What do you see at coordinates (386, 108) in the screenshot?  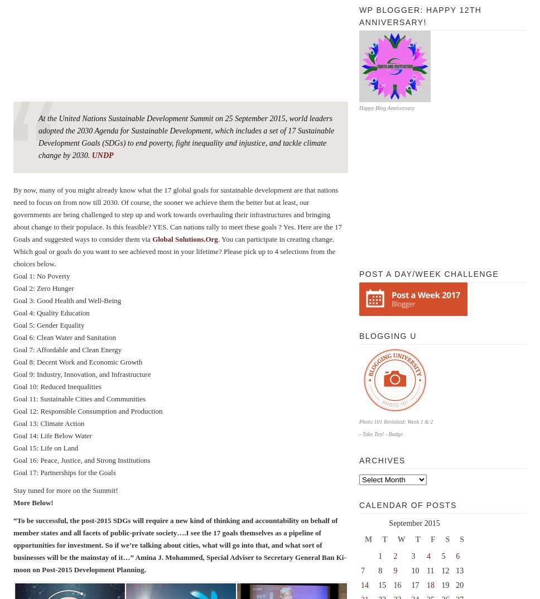 I see `'Happy Blog Anniversary'` at bounding box center [386, 108].